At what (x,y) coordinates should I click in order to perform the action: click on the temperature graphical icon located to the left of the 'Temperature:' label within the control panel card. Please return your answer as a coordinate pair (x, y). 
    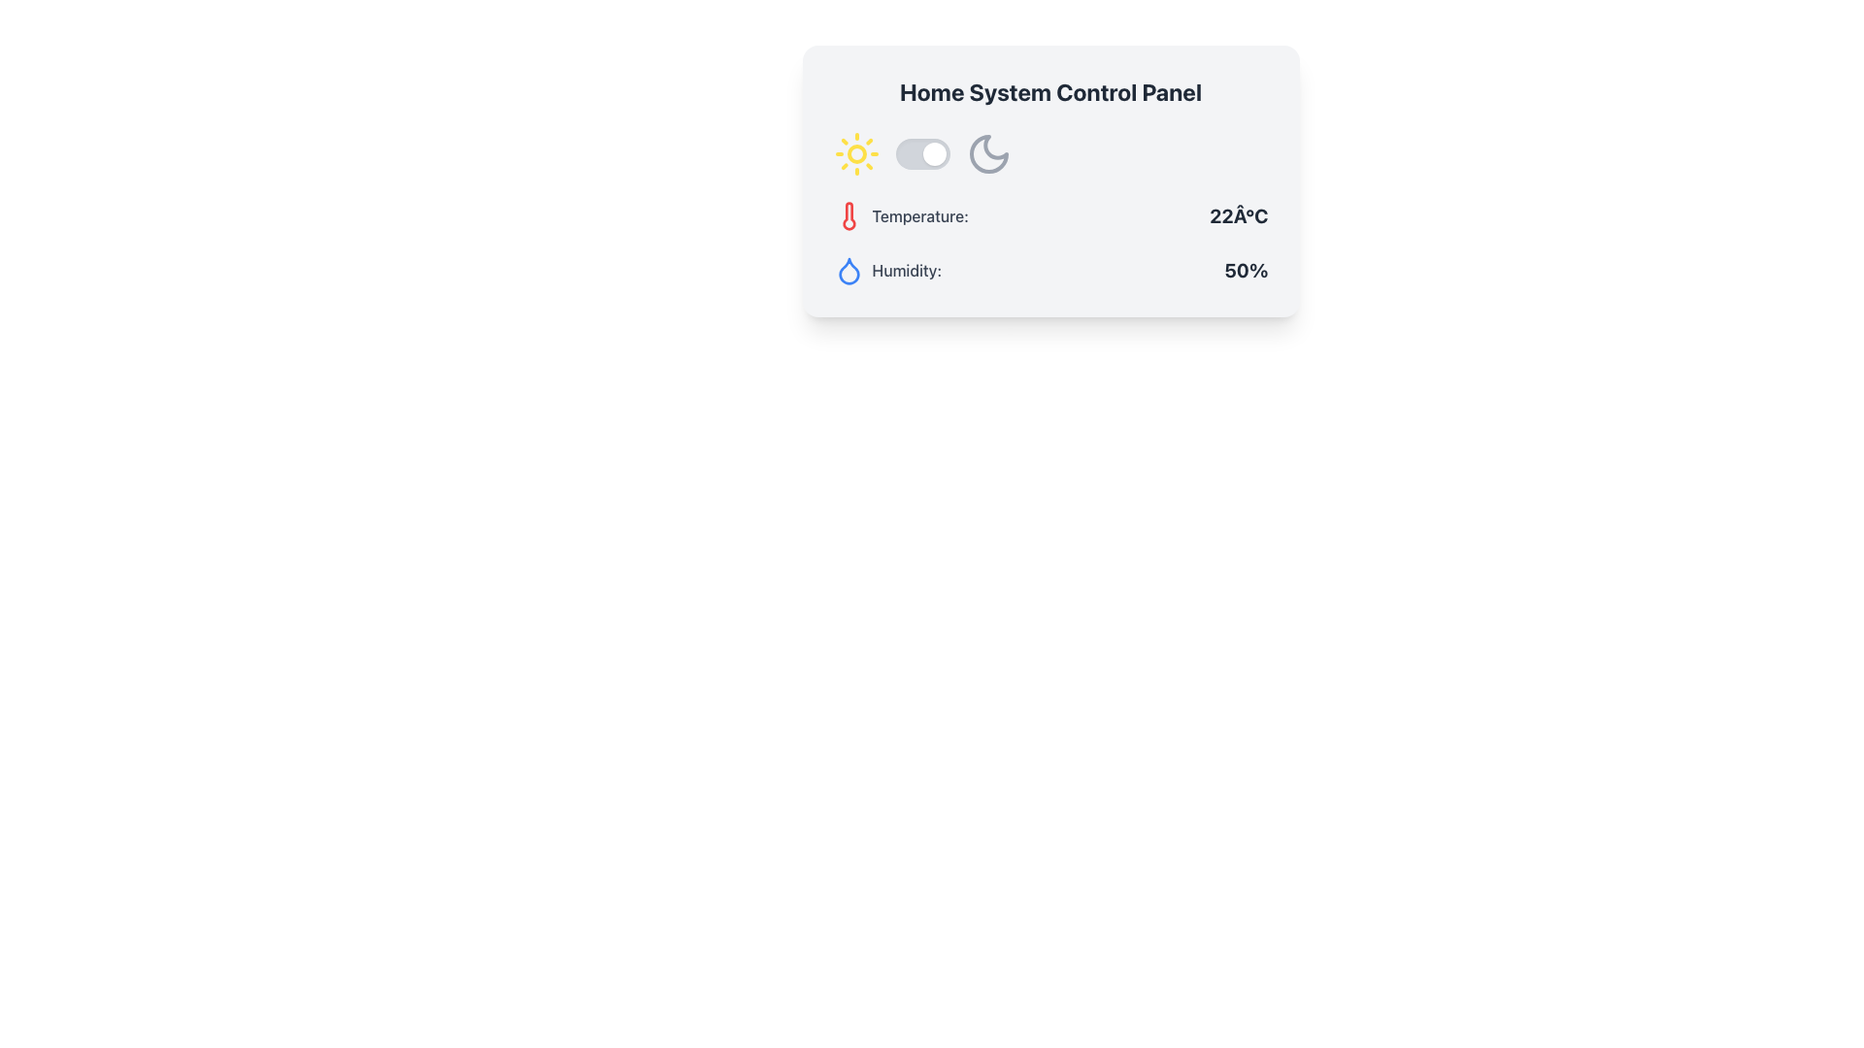
    Looking at the image, I should click on (849, 216).